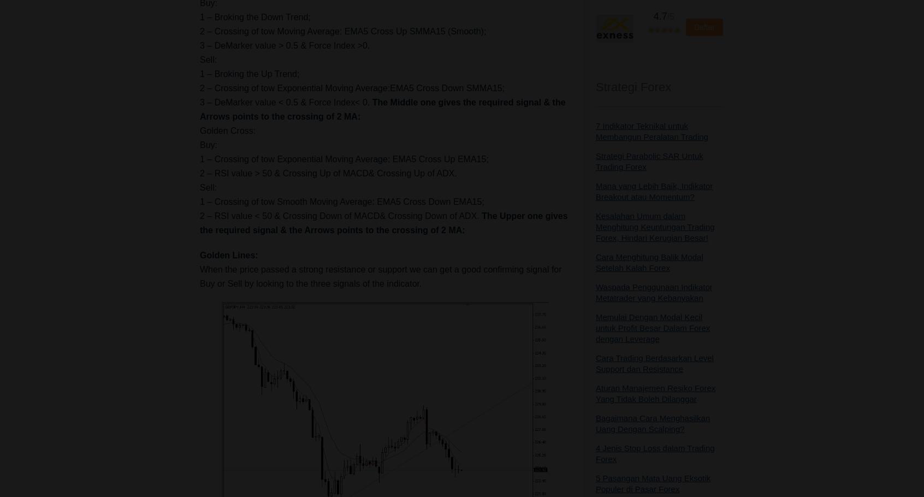  What do you see at coordinates (199, 45) in the screenshot?
I see `'3 – DeMarker value > 0.5 & Force Index >0.'` at bounding box center [199, 45].